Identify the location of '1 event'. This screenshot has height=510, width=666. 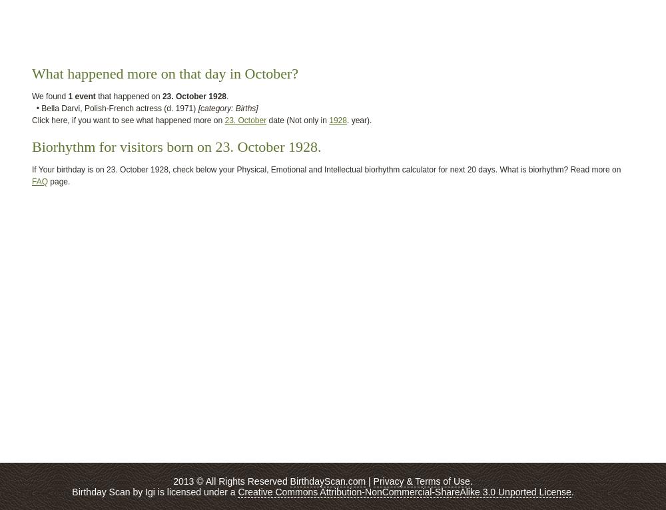
(81, 97).